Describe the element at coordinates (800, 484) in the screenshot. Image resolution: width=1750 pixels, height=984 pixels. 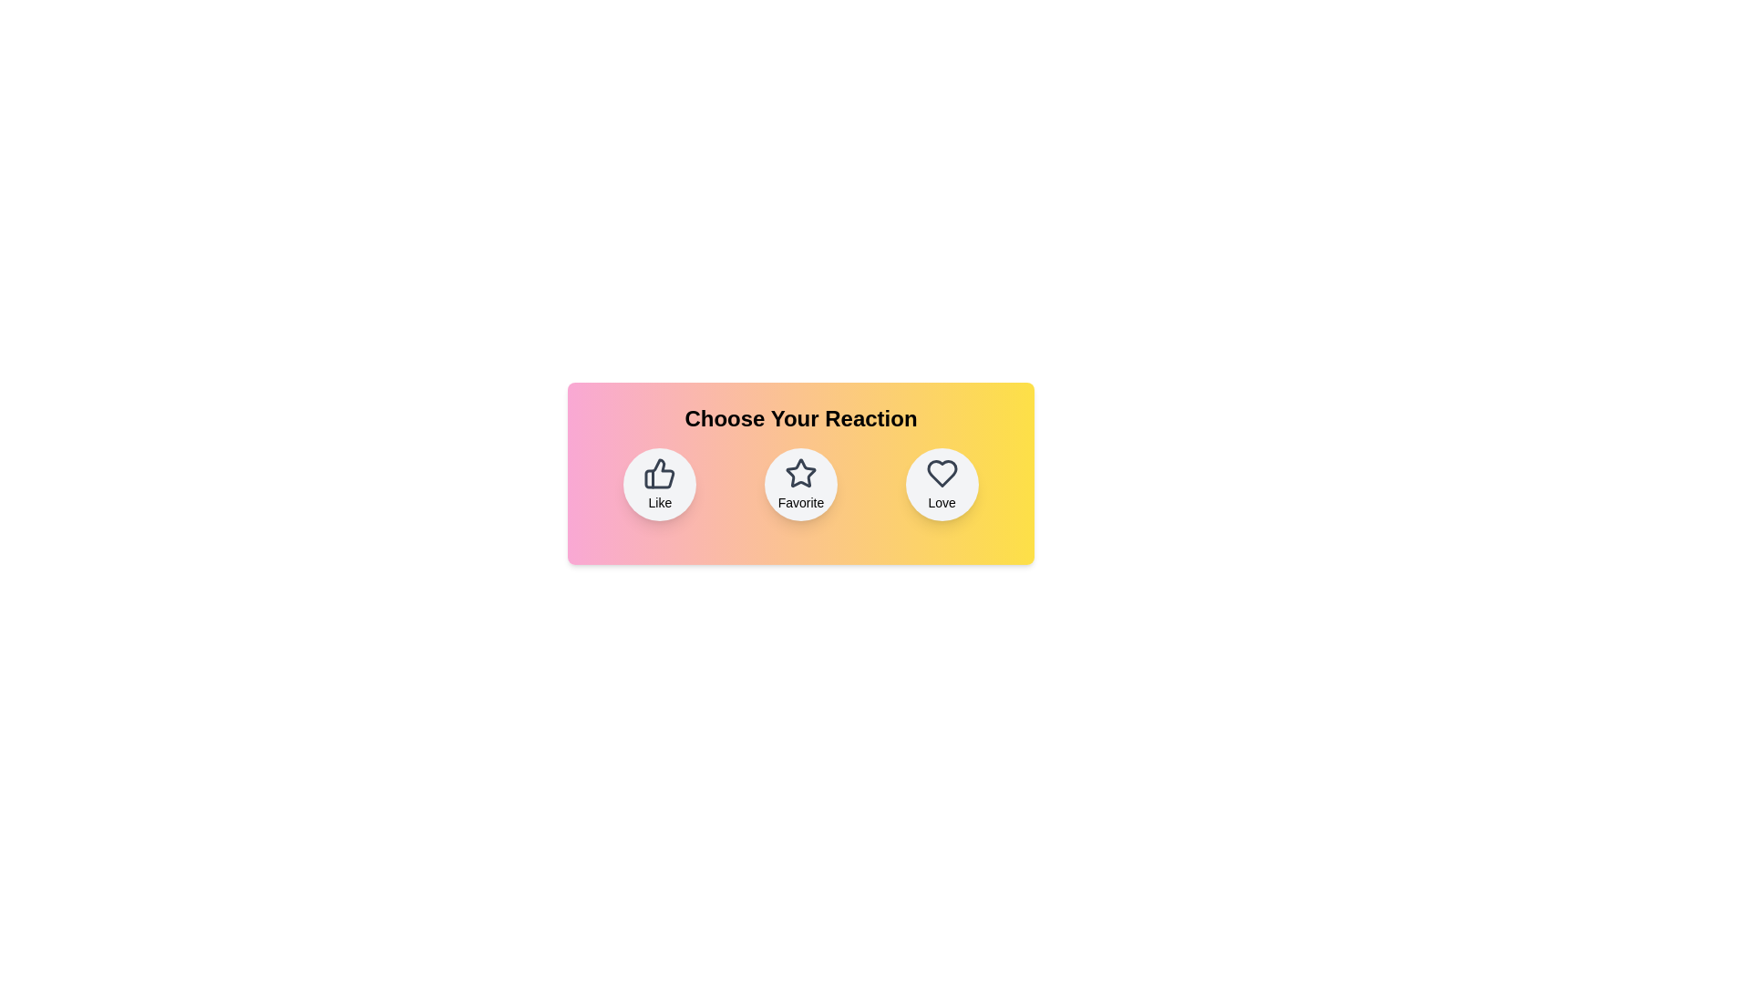
I see `the reaction button labeled 'Favorite' to observe its hover effect` at that location.